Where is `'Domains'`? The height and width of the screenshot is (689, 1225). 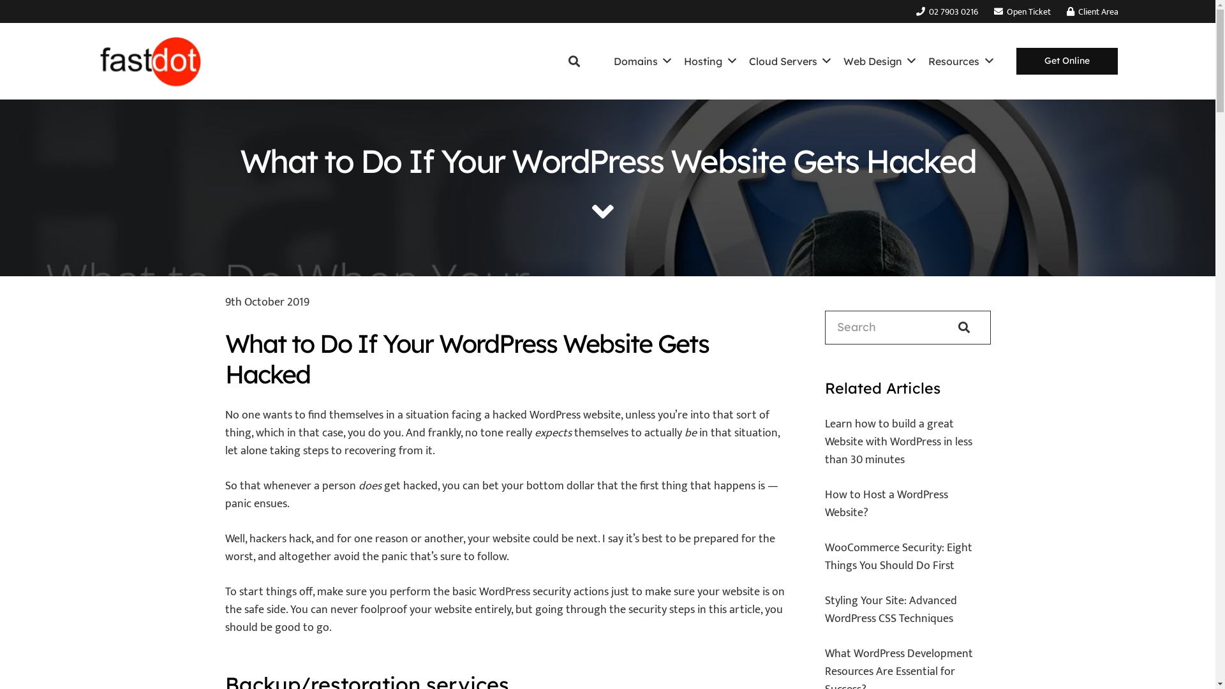 'Domains' is located at coordinates (642, 61).